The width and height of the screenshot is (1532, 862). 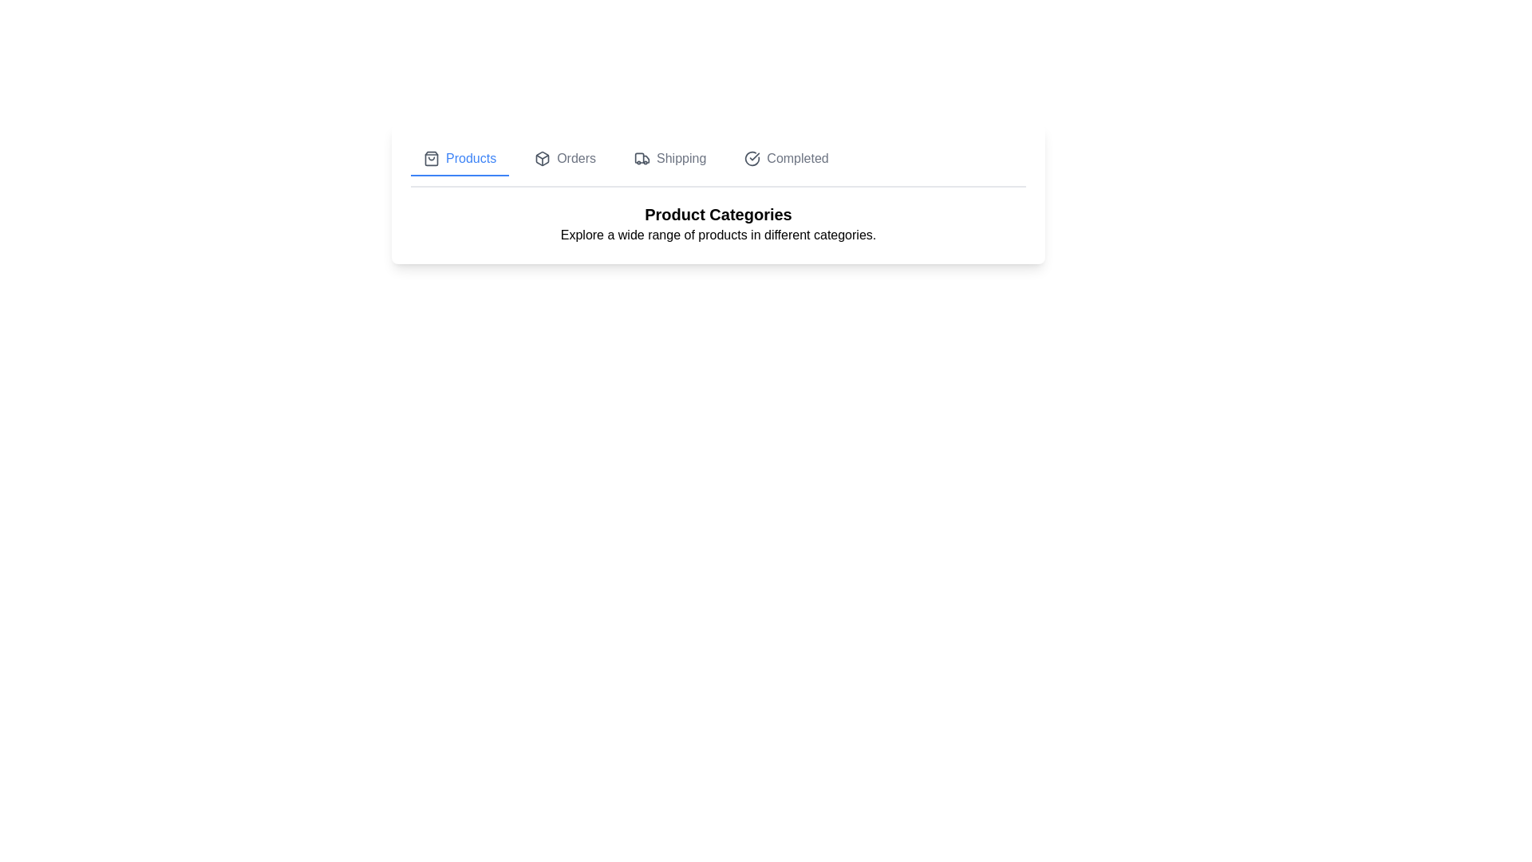 I want to click on the box-like icon located centrally in the header menu, which is represented by a rectangular 3D shape, so click(x=543, y=159).